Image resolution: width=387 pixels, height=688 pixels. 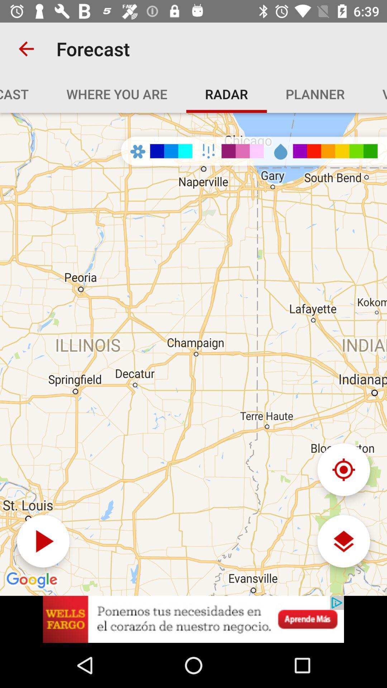 I want to click on reset navigation, so click(x=343, y=469).